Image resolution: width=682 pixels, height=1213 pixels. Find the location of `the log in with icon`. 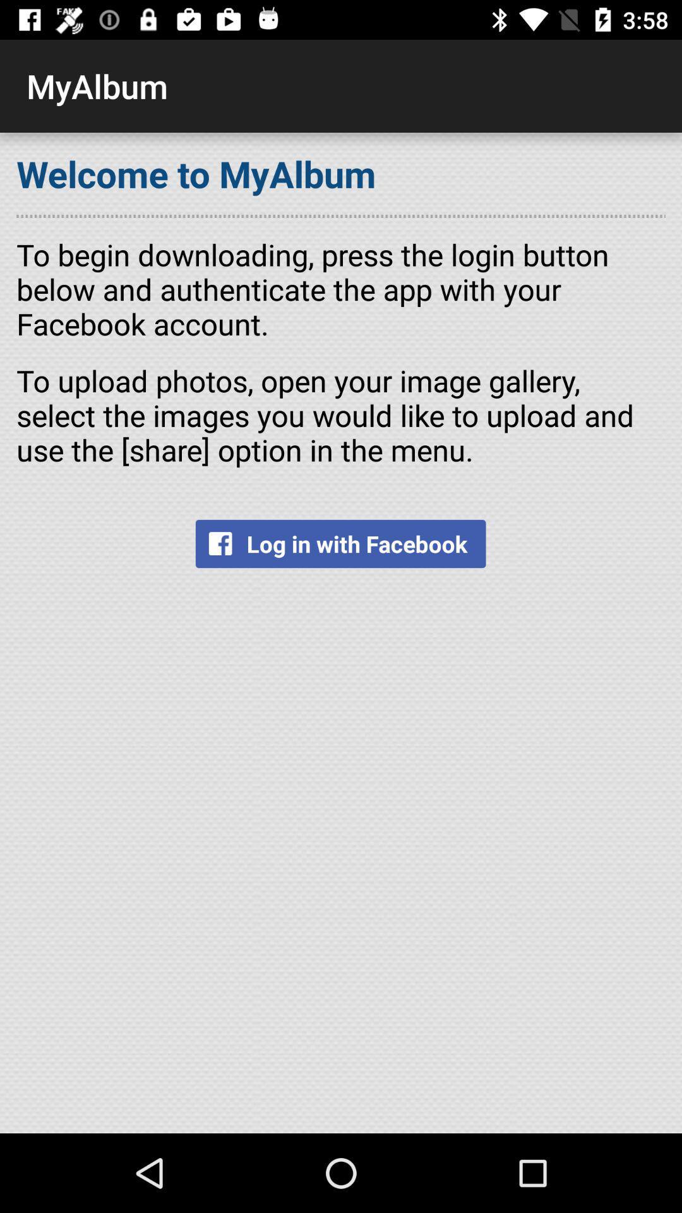

the log in with icon is located at coordinates (340, 543).